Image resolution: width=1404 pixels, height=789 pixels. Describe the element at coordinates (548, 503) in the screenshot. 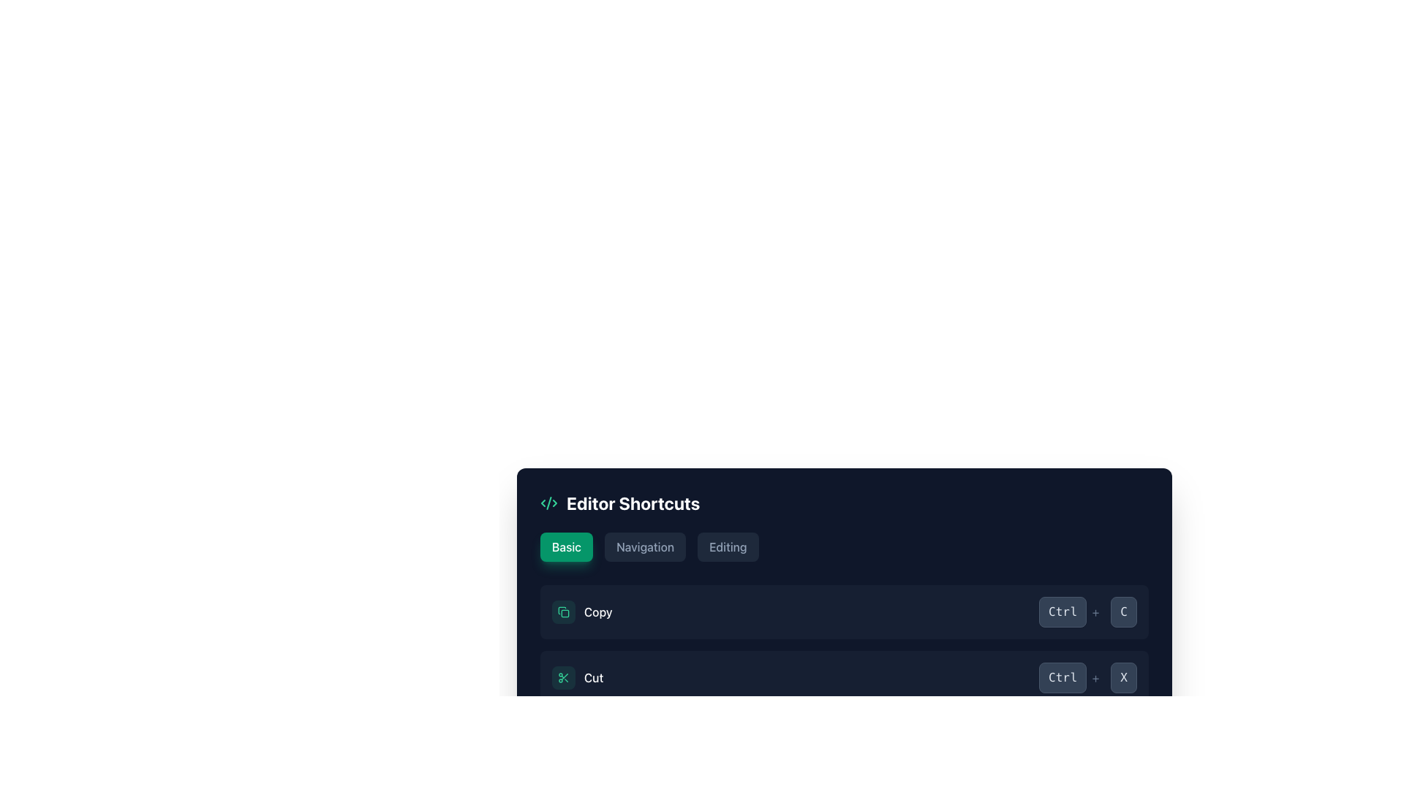

I see `properties of the coding or development-related icon located at the top left of the 'Editor Shortcuts' section` at that location.